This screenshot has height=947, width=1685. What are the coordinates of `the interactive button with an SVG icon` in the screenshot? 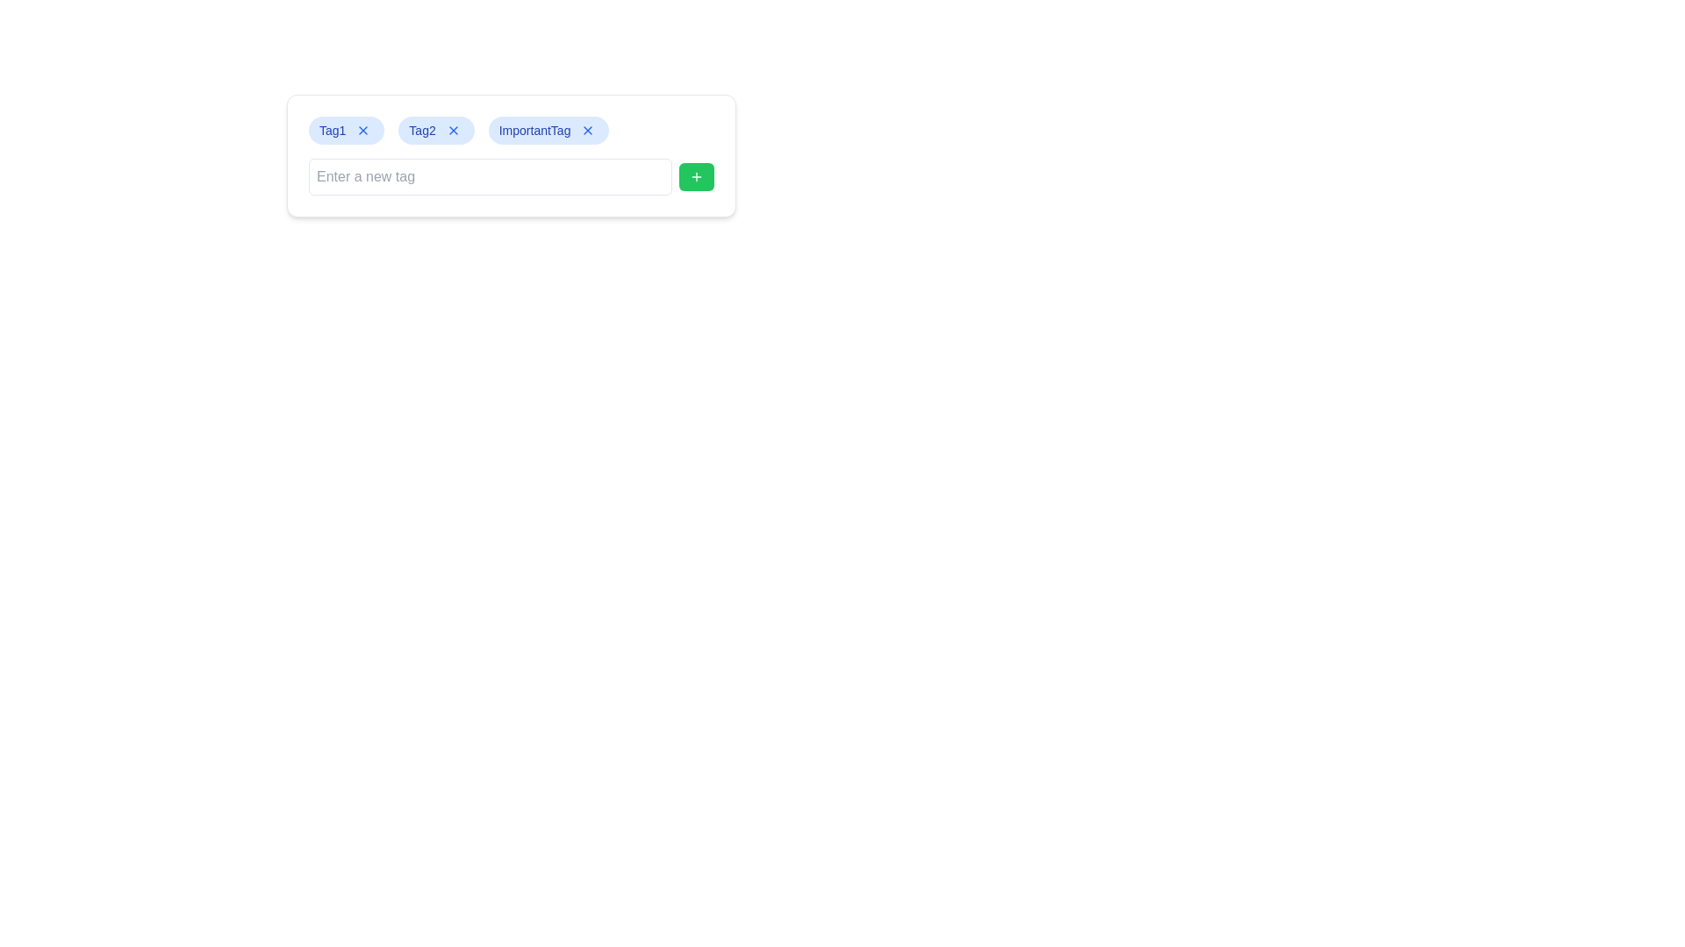 It's located at (453, 130).